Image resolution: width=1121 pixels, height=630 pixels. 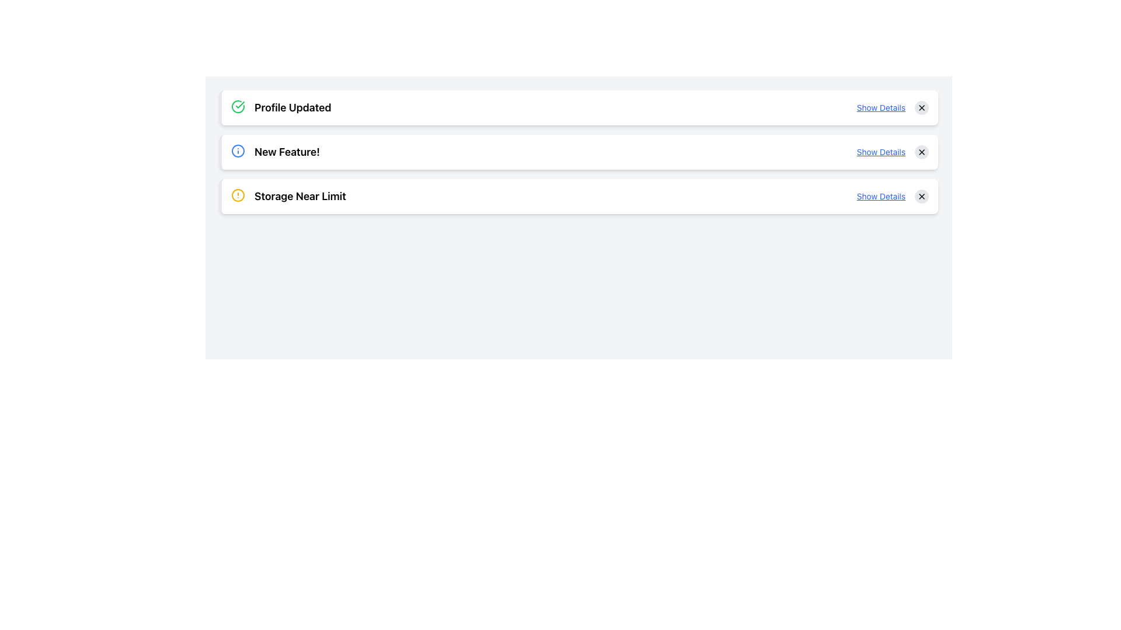 I want to click on the circular green checkmark icon representing a success state, located adjacent to the text 'Profile Updated', so click(x=238, y=106).